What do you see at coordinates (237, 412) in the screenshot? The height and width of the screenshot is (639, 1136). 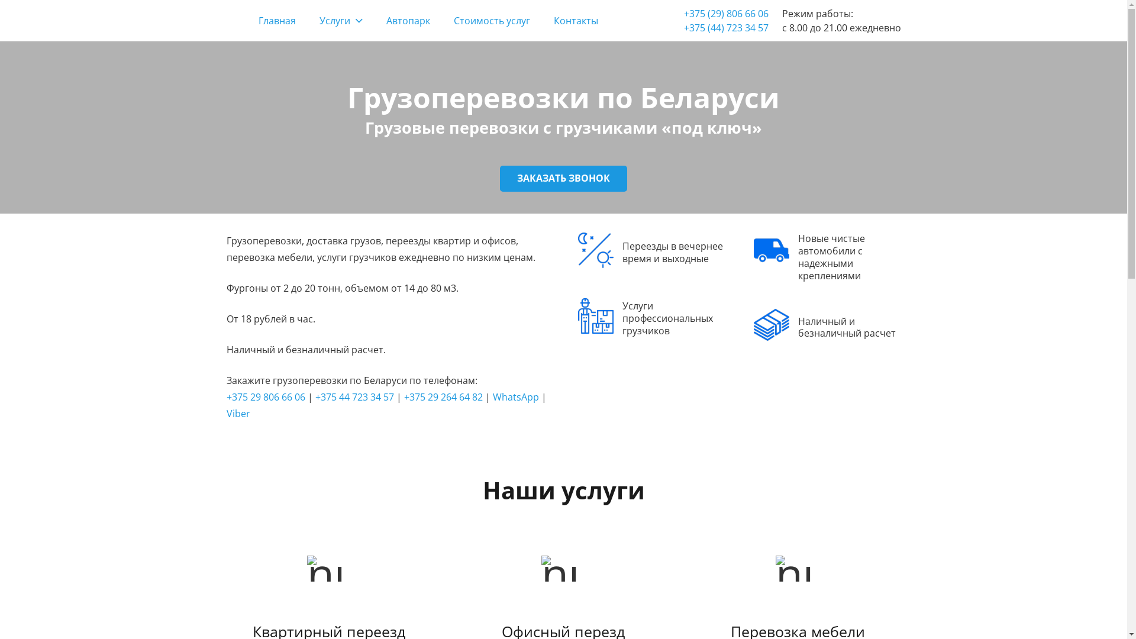 I see `'Viber'` at bounding box center [237, 412].